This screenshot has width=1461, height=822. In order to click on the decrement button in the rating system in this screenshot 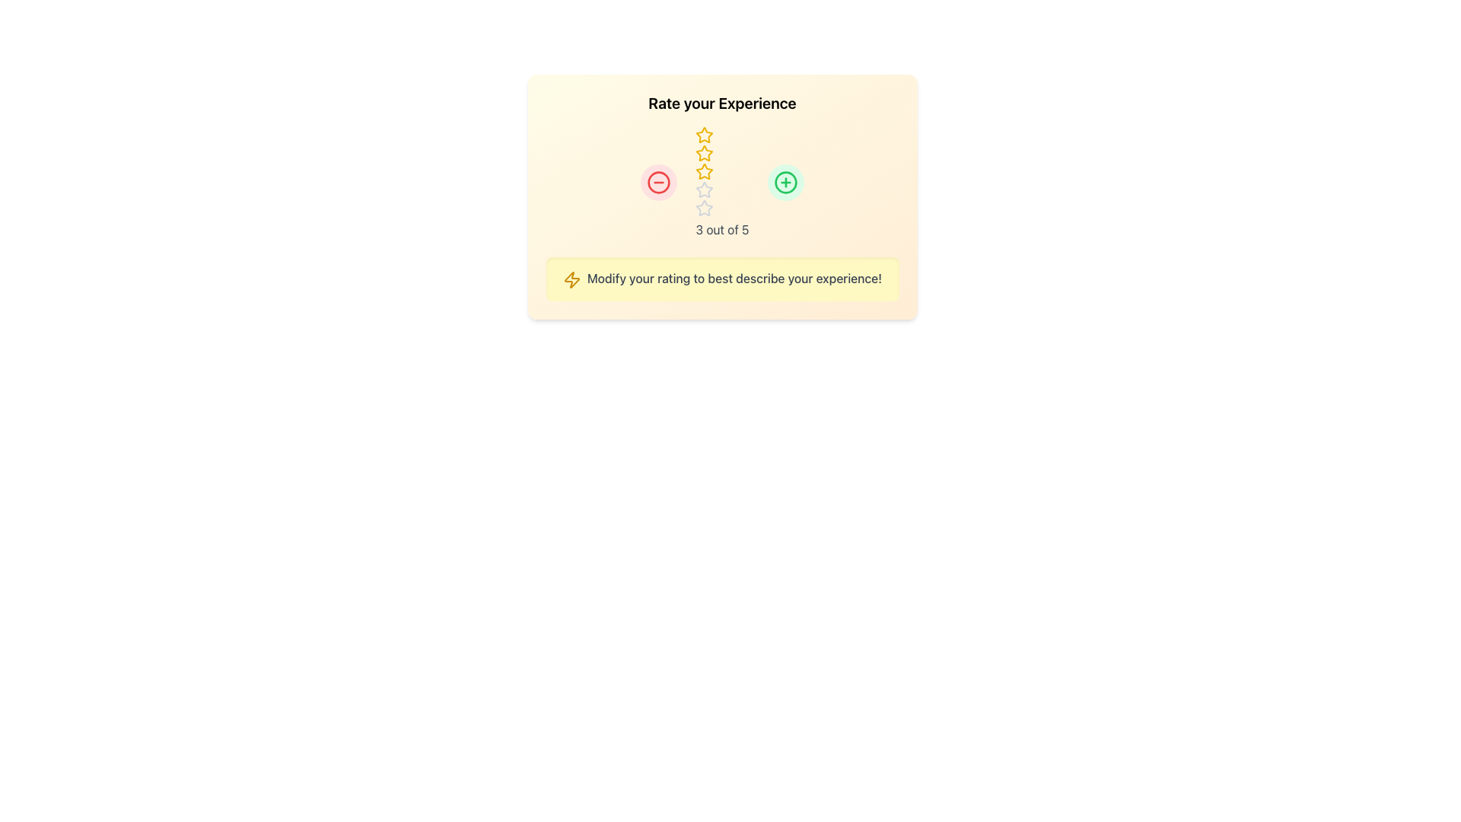, I will do `click(659, 181)`.